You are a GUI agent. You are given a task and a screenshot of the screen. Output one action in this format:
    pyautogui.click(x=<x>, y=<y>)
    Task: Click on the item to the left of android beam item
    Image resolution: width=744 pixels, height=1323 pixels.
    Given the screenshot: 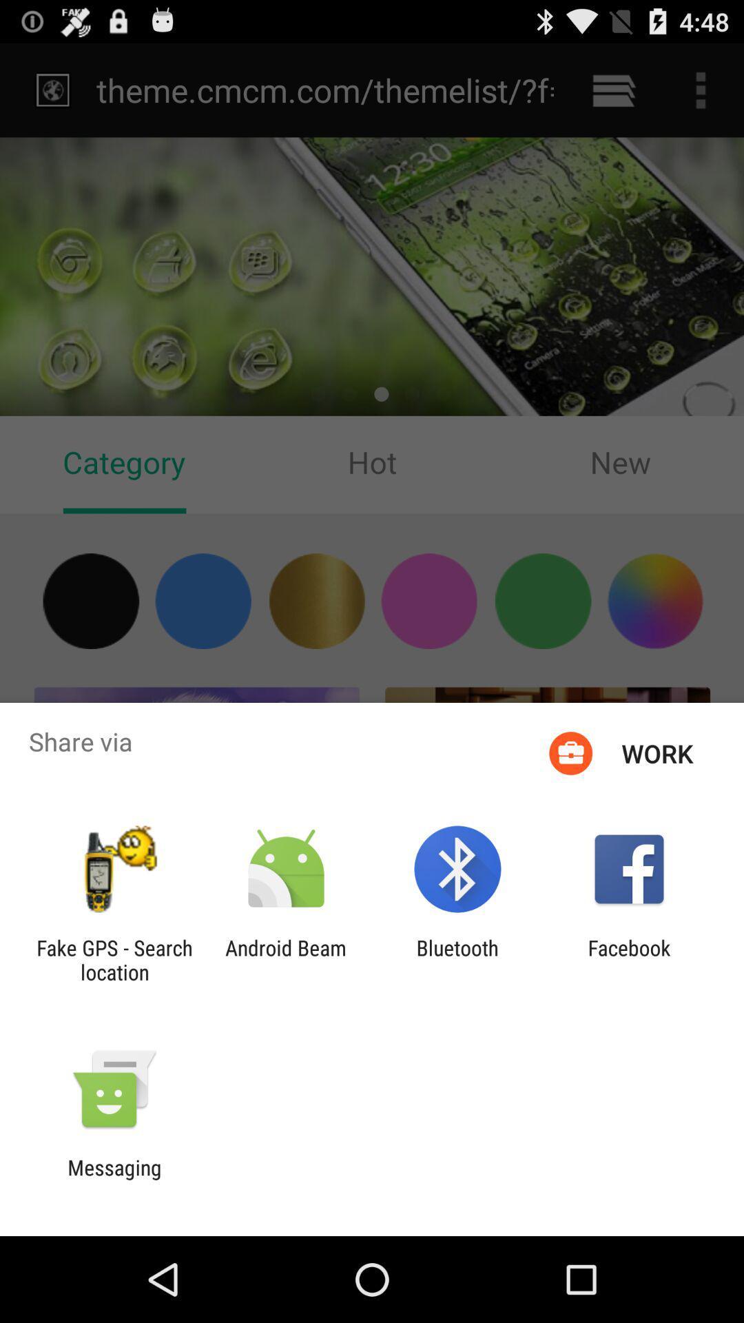 What is the action you would take?
    pyautogui.click(x=114, y=959)
    